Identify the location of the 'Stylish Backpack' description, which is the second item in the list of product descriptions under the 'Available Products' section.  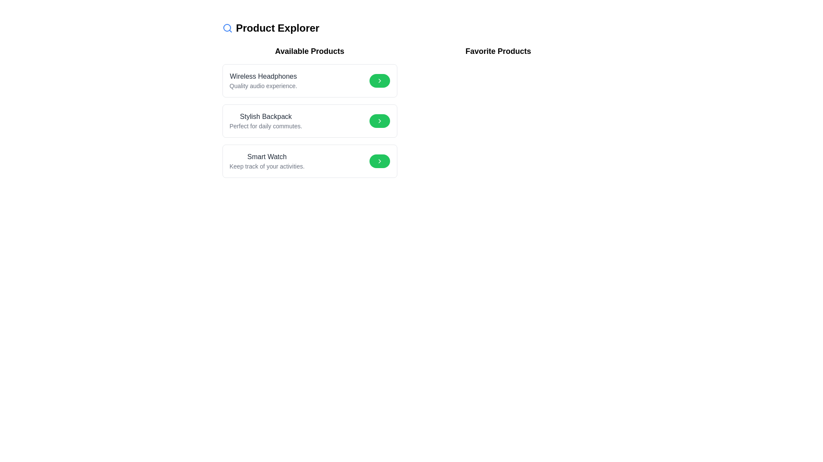
(265, 121).